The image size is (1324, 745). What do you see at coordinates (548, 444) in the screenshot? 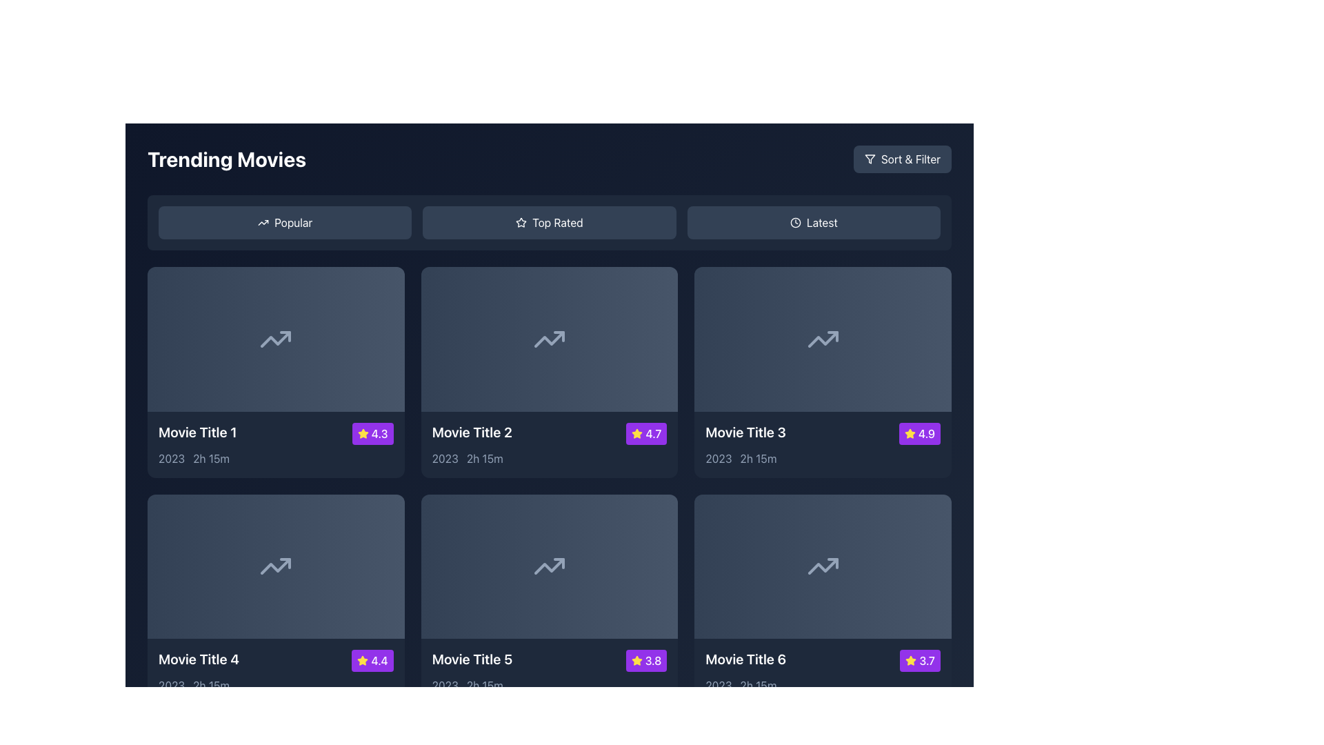
I see `to select the informational card displaying details for the movie titled 'Movie Title 2' with a rating of 4.7 located in the second column of the first row of the movie grid` at bounding box center [548, 444].